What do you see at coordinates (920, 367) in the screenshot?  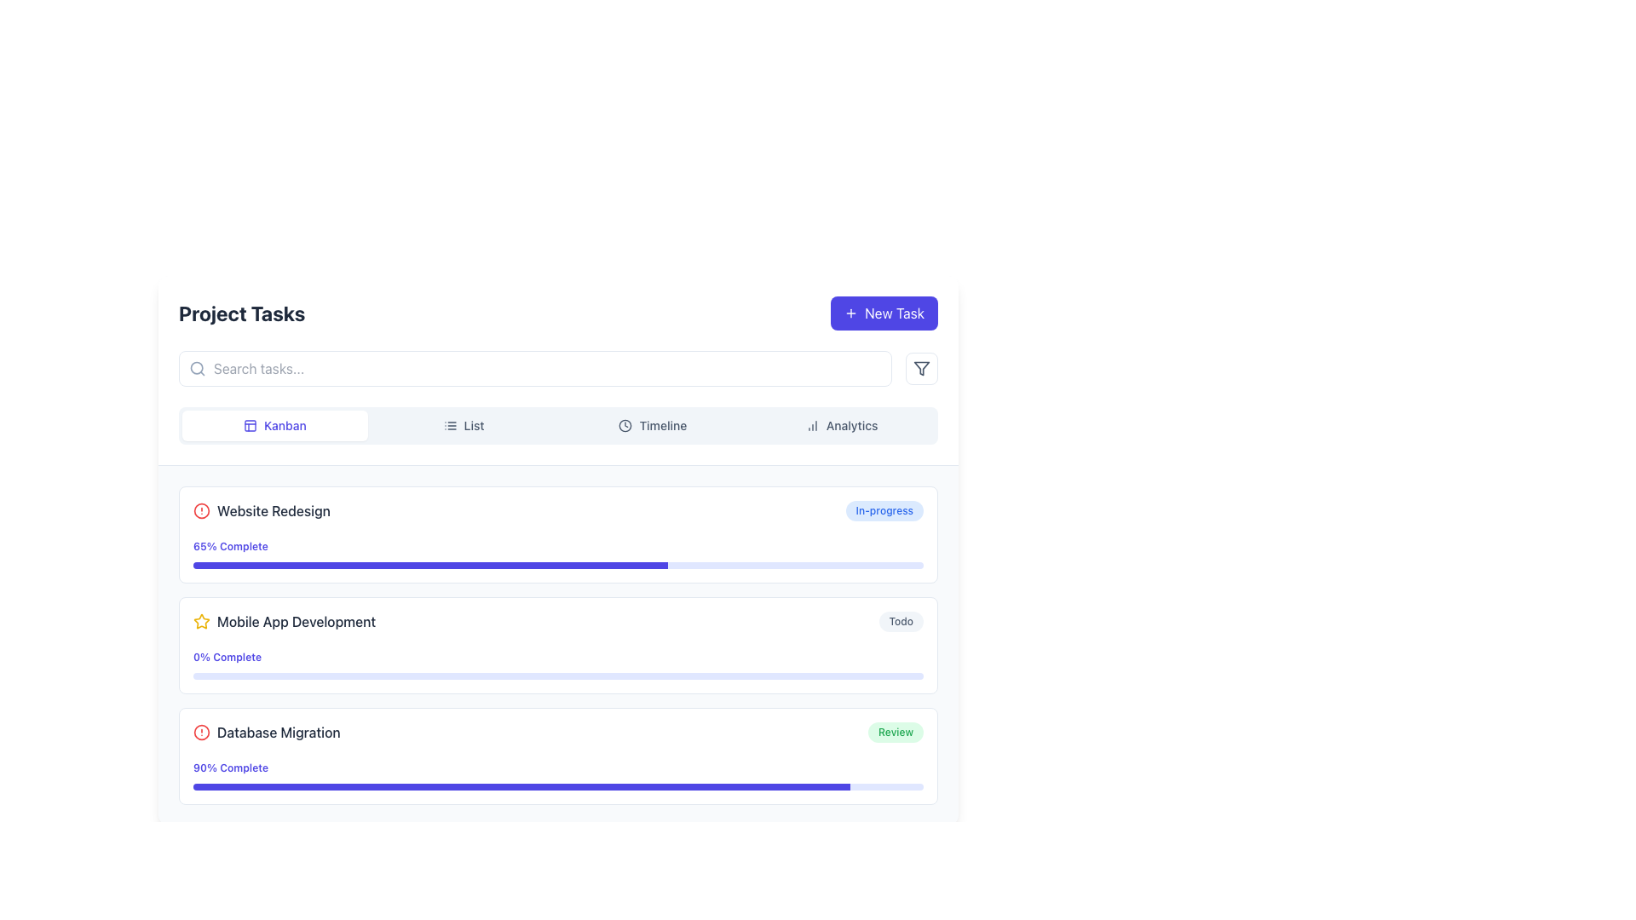 I see `the filter icon located in the top-right corner of the interface` at bounding box center [920, 367].